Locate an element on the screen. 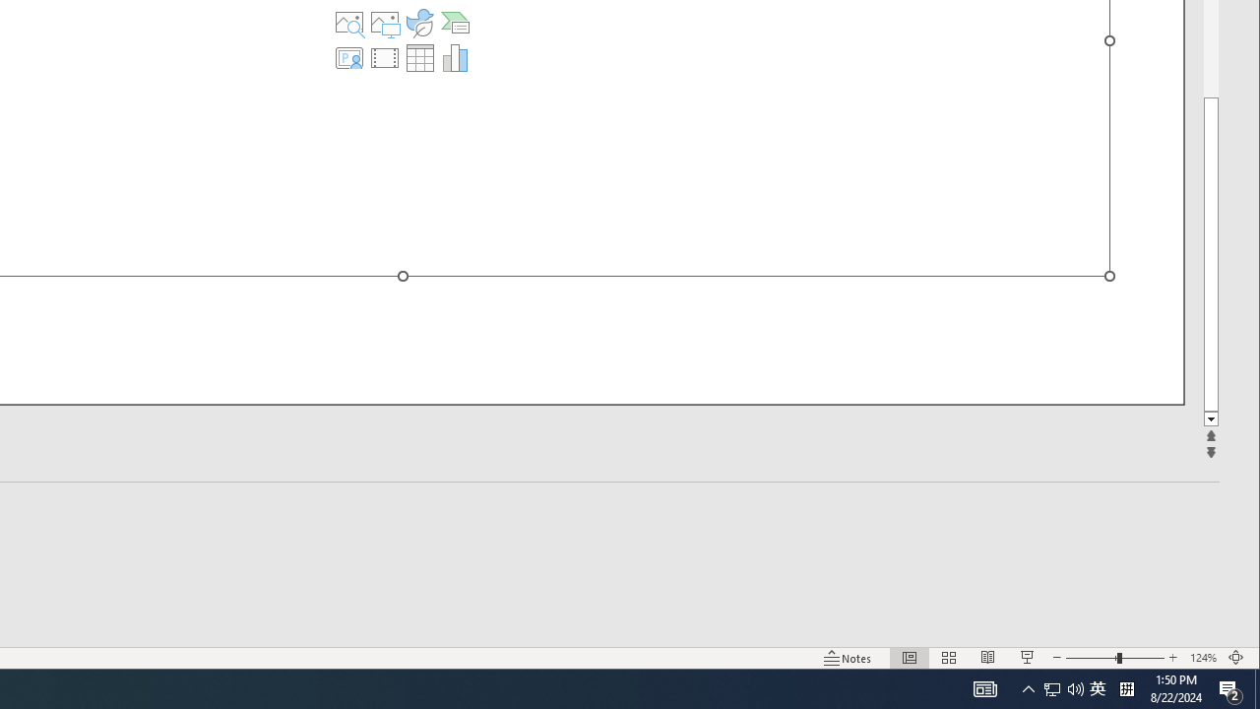  'Insert Cameo' is located at coordinates (349, 57).